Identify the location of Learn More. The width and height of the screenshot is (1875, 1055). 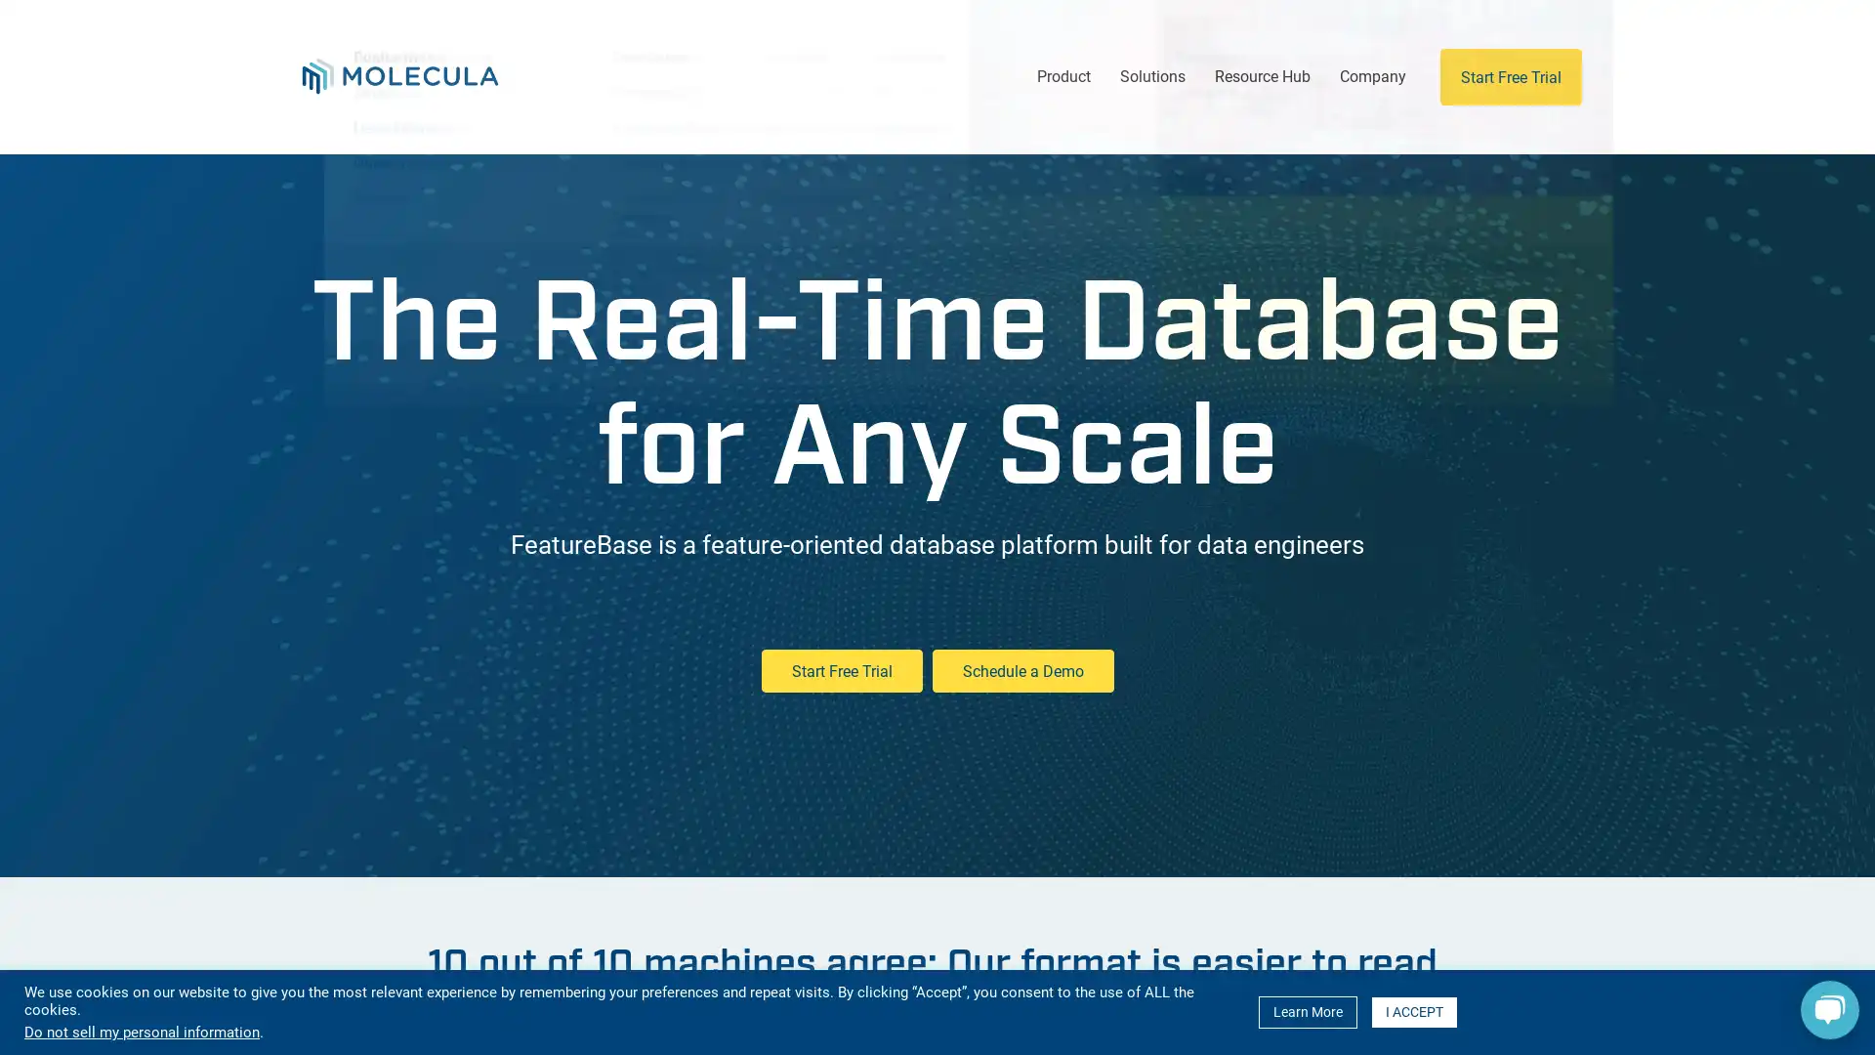
(1308, 1011).